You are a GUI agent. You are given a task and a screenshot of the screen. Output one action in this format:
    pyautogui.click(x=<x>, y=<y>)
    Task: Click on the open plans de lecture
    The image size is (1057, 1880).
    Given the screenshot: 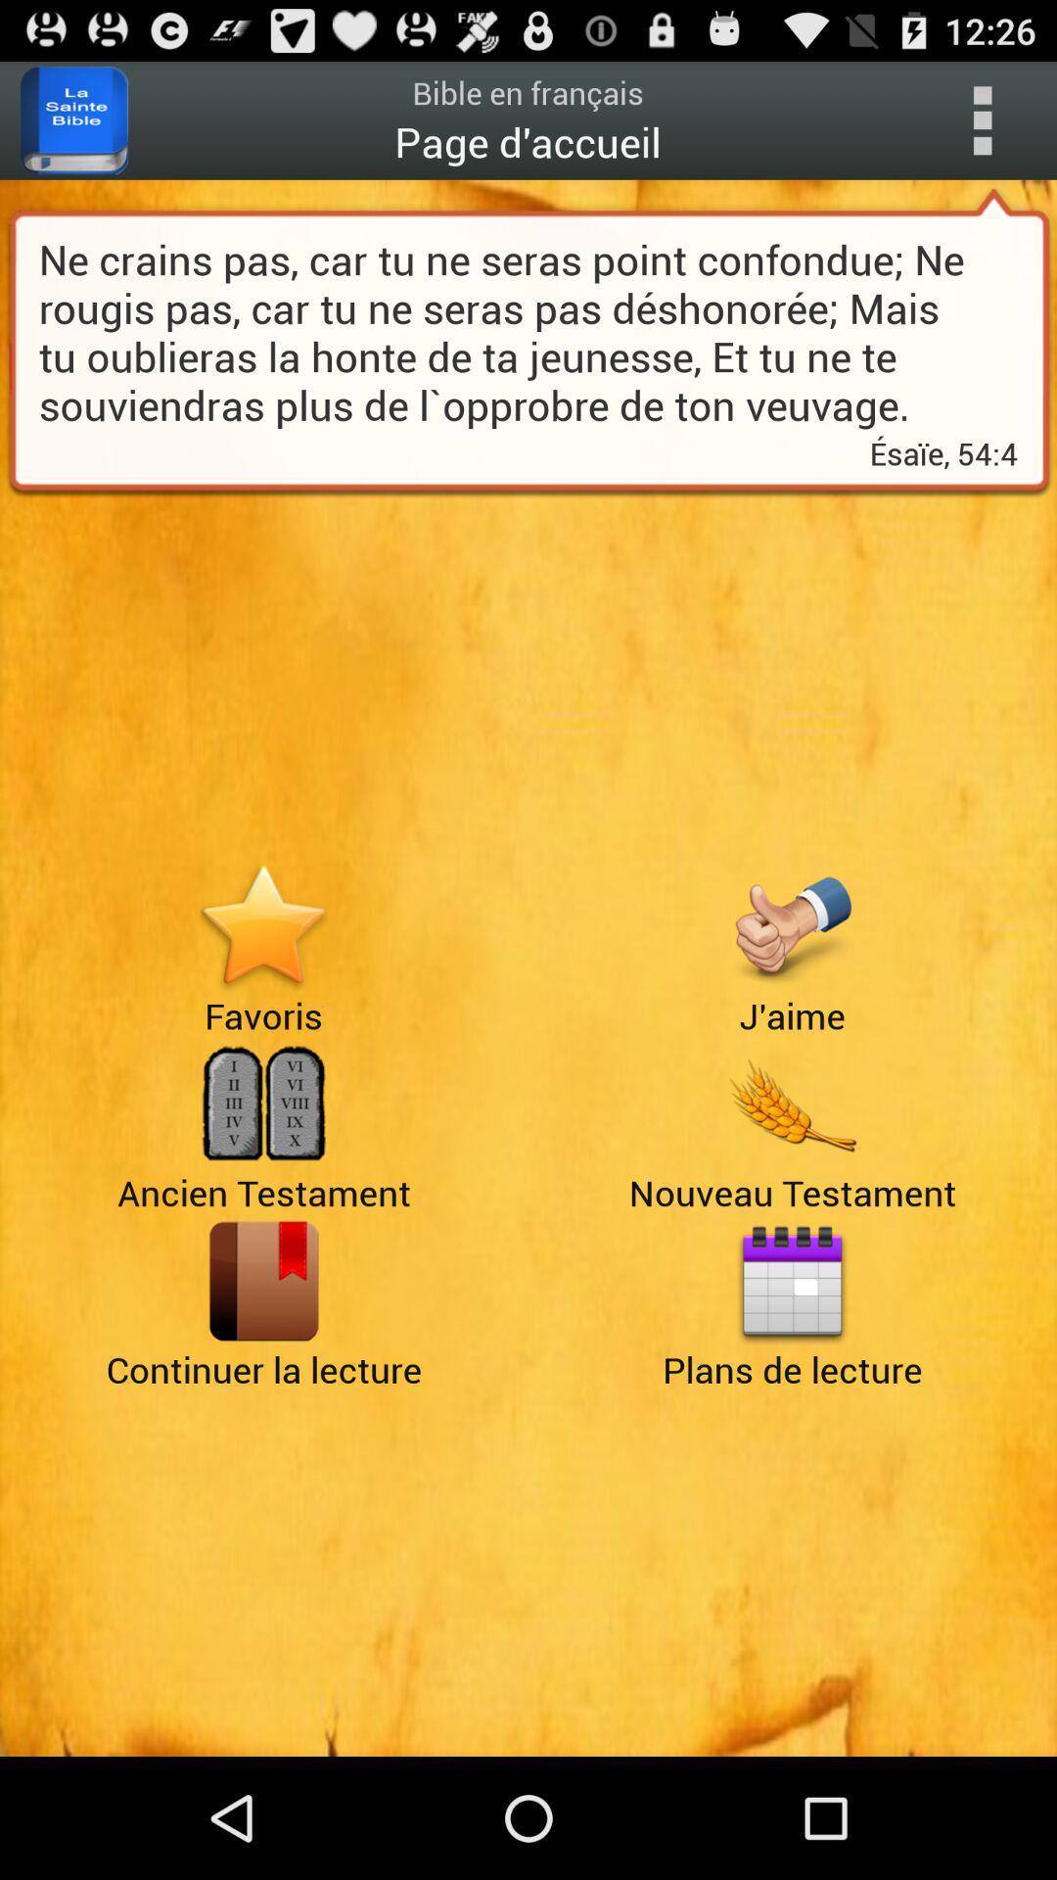 What is the action you would take?
    pyautogui.click(x=791, y=1281)
    